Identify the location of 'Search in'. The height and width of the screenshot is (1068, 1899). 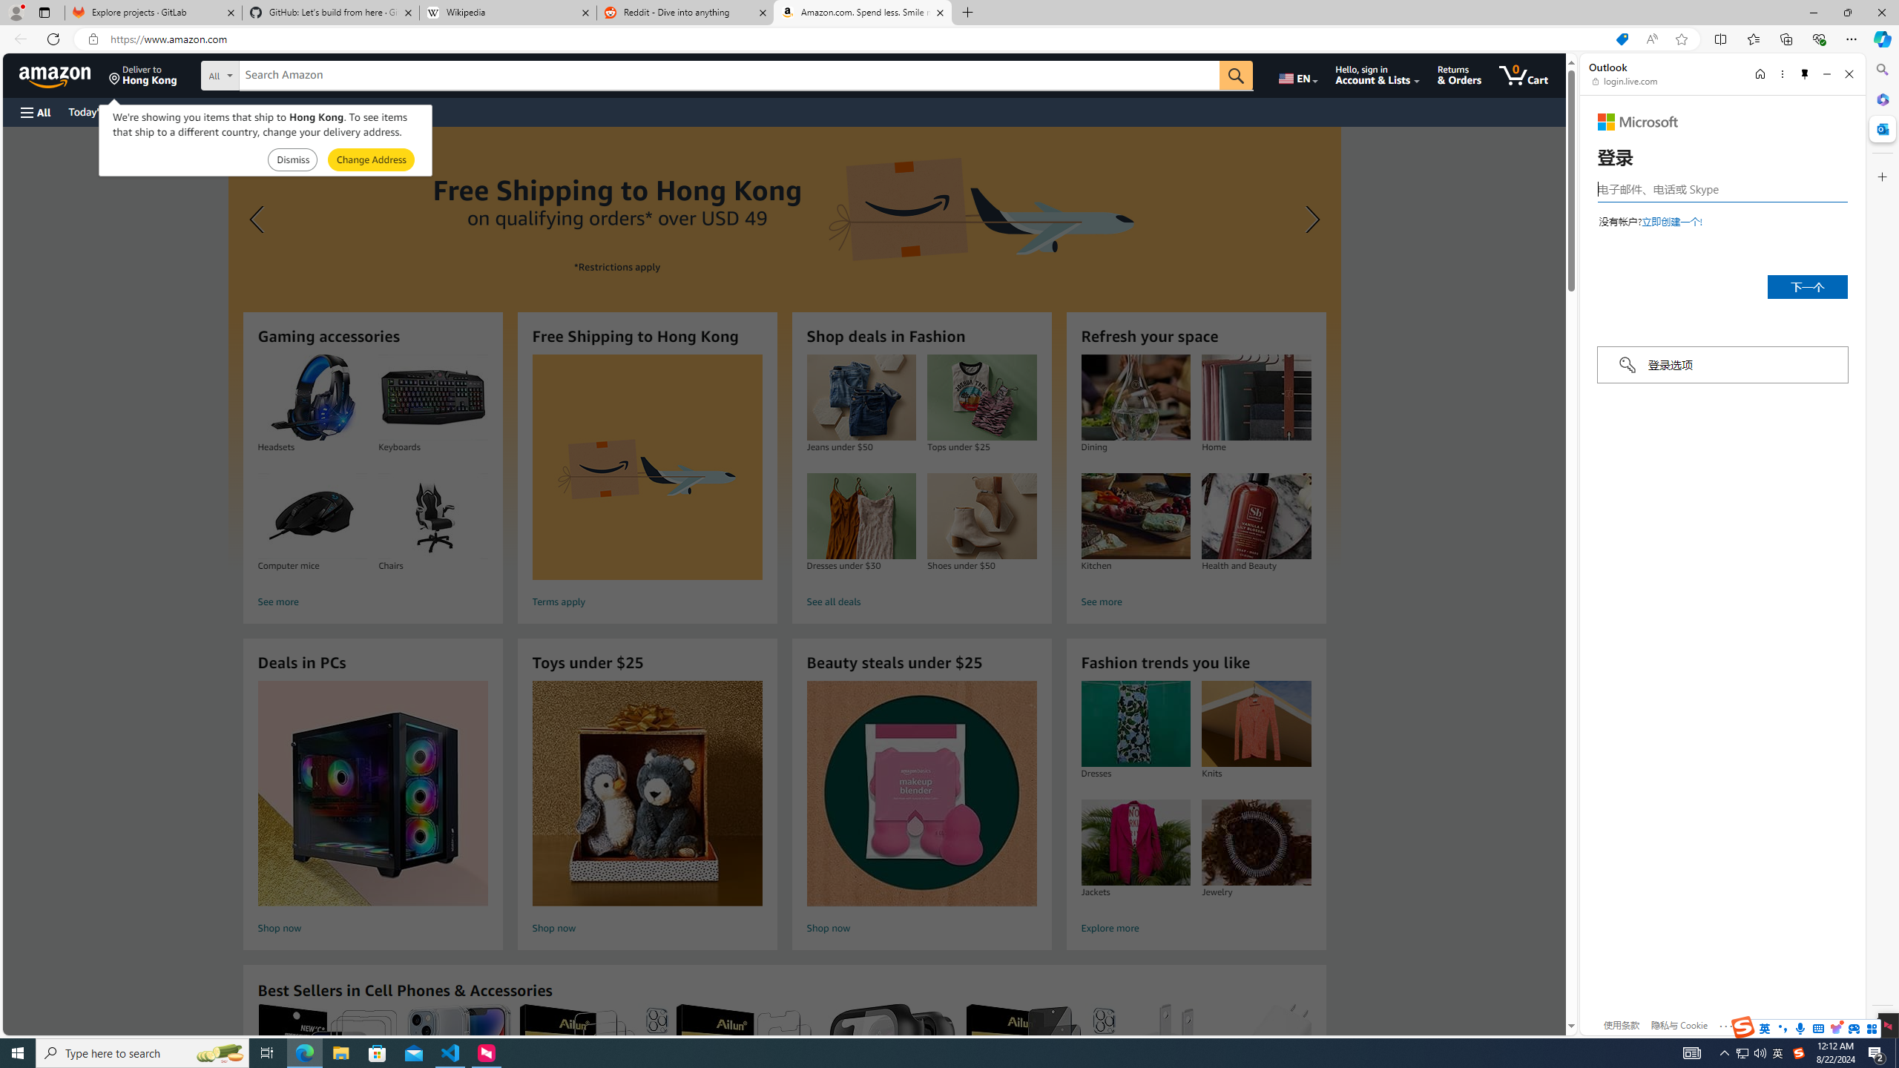
(274, 76).